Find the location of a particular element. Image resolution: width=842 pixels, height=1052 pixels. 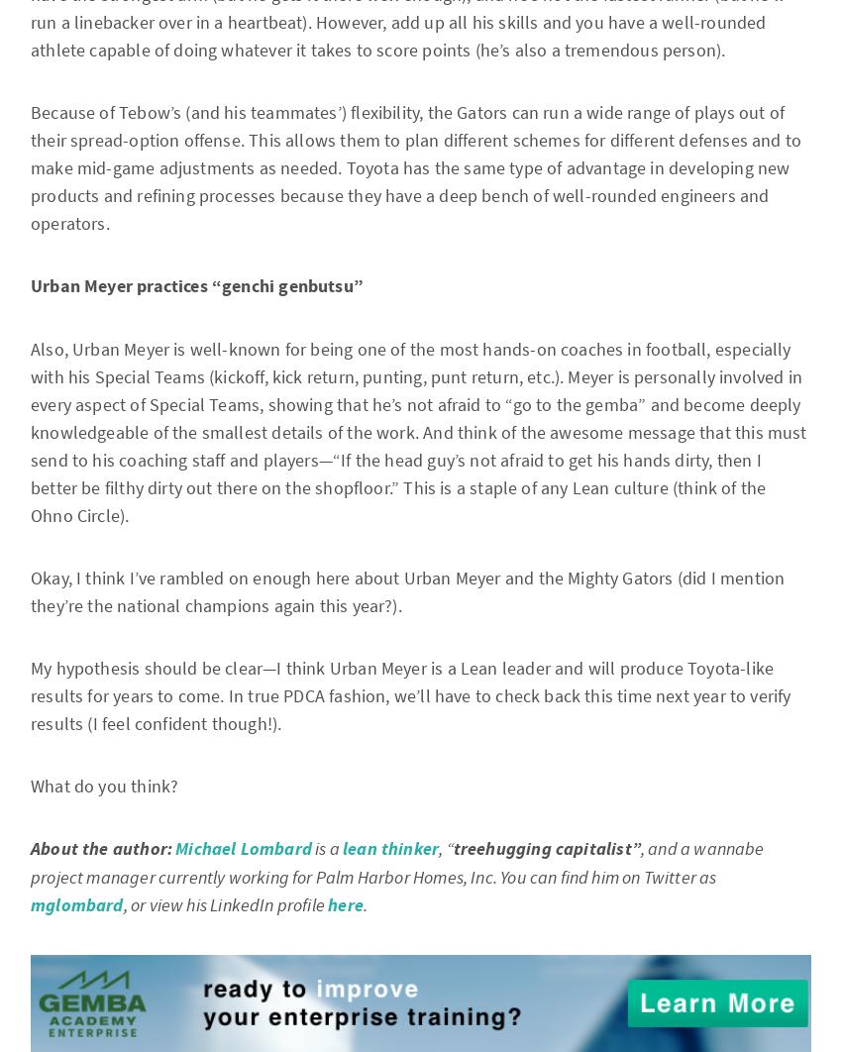

'About the author:' is located at coordinates (100, 848).